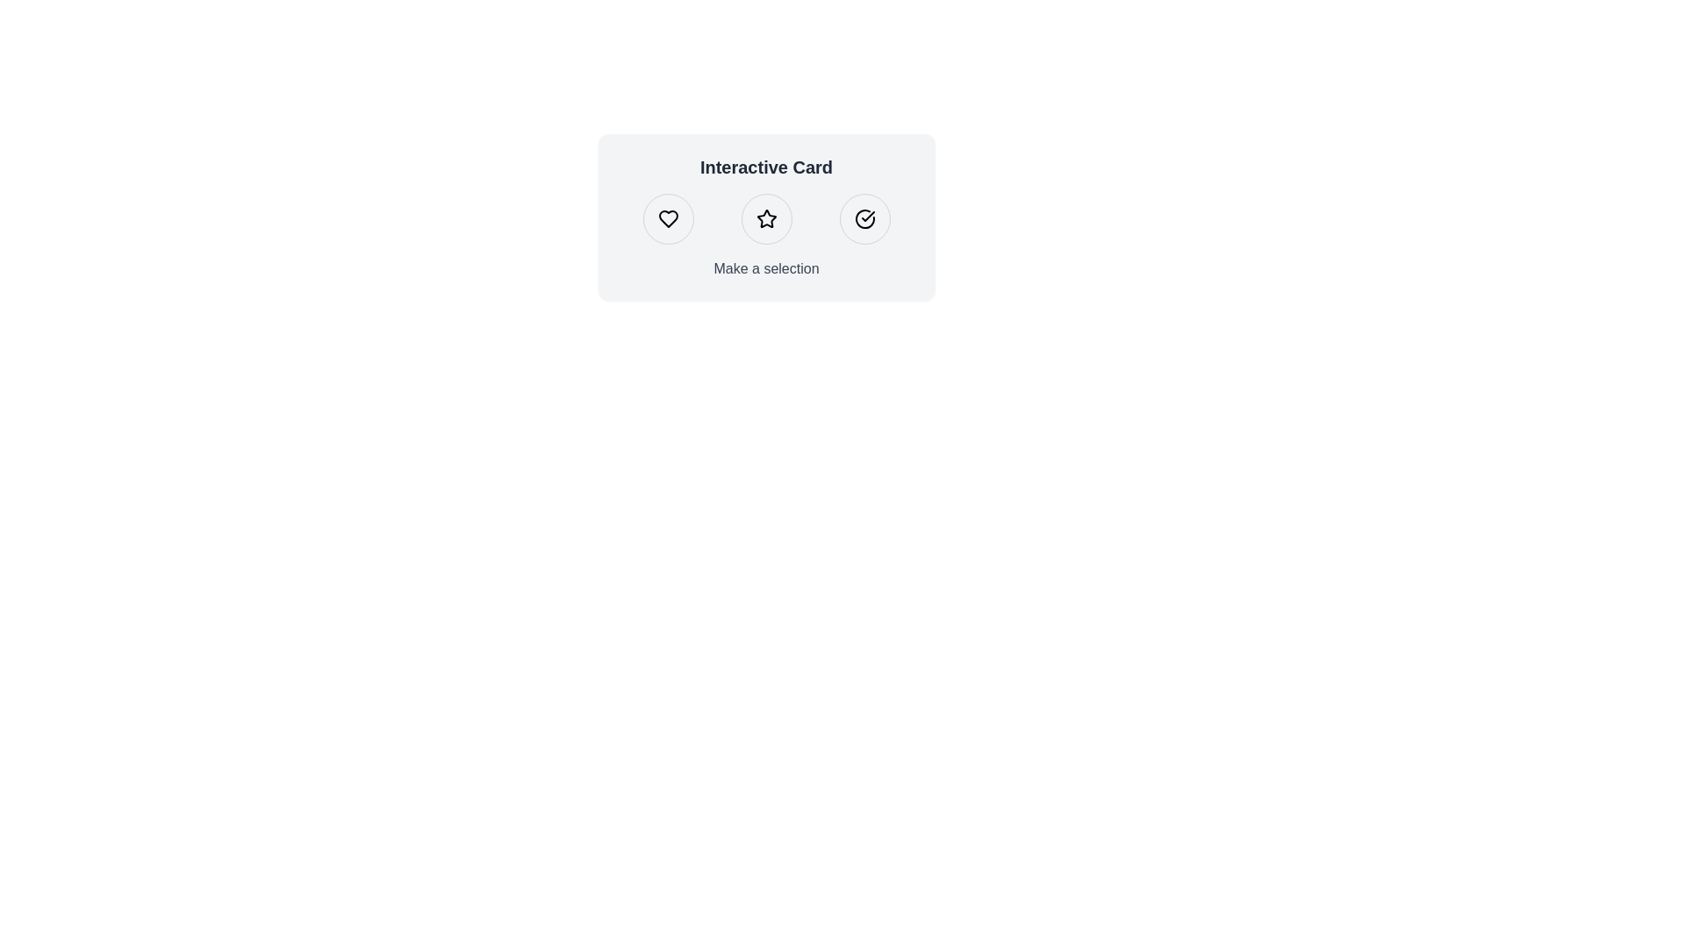  What do you see at coordinates (766, 217) in the screenshot?
I see `the hollow star icon, which is the second circular button in a horizontal layout, positioned between a heart icon and a checkmark icon` at bounding box center [766, 217].